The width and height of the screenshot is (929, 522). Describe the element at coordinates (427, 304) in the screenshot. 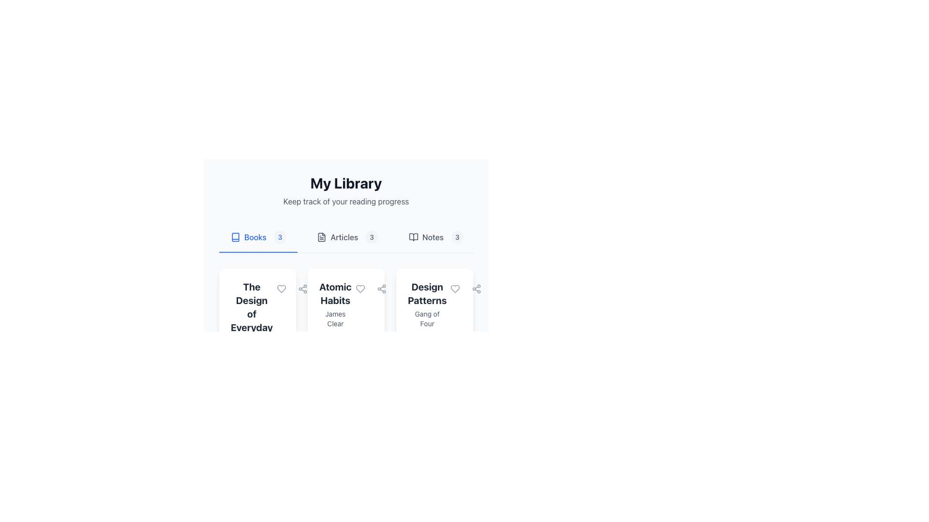

I see `textual information in the title and subtitle of the book 'Design Patterns' located on the third card in the 'Books' section of the 'My Library' interface` at that location.